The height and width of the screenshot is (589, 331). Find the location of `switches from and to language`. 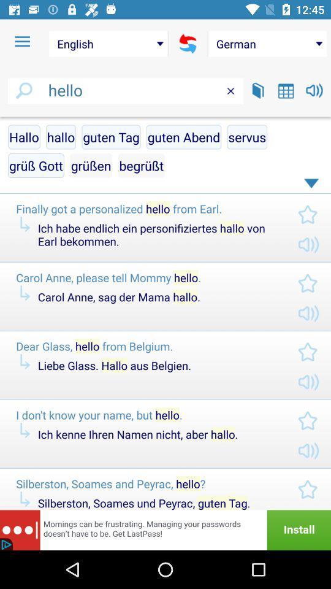

switches from and to language is located at coordinates (188, 44).